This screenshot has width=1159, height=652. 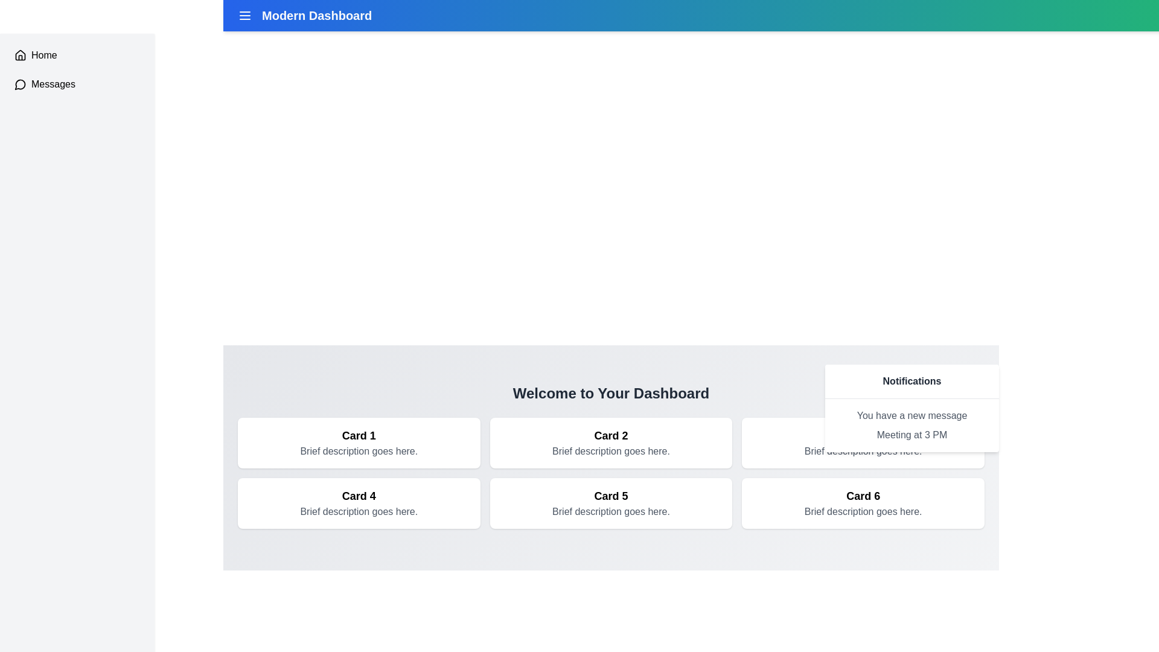 I want to click on the heading text label positioned above the description in the second row, second column of the card layout to trigger potential effects, so click(x=611, y=496).